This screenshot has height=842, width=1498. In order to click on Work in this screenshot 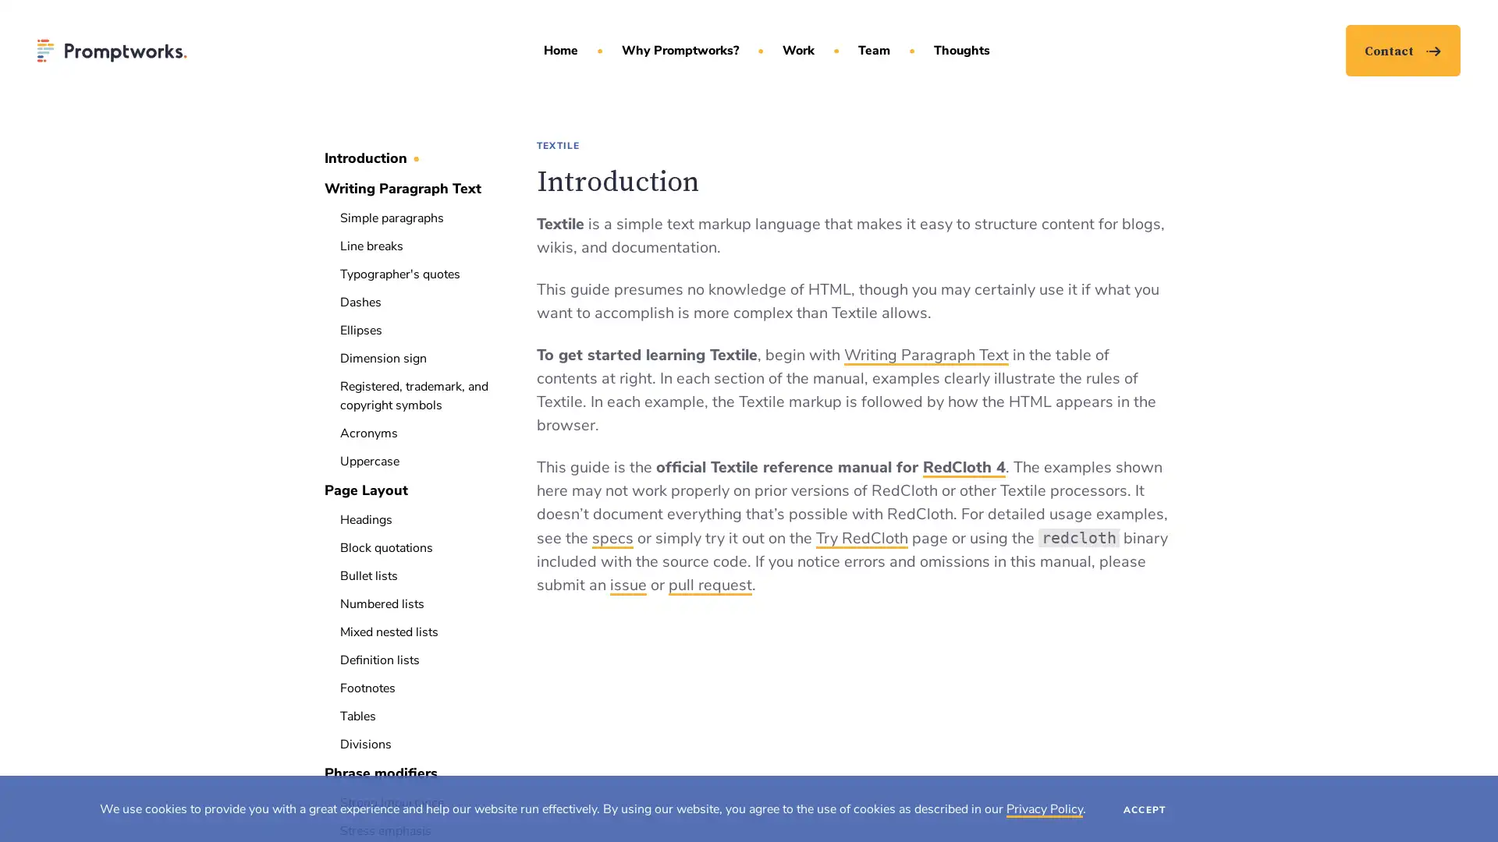, I will do `click(797, 50)`.